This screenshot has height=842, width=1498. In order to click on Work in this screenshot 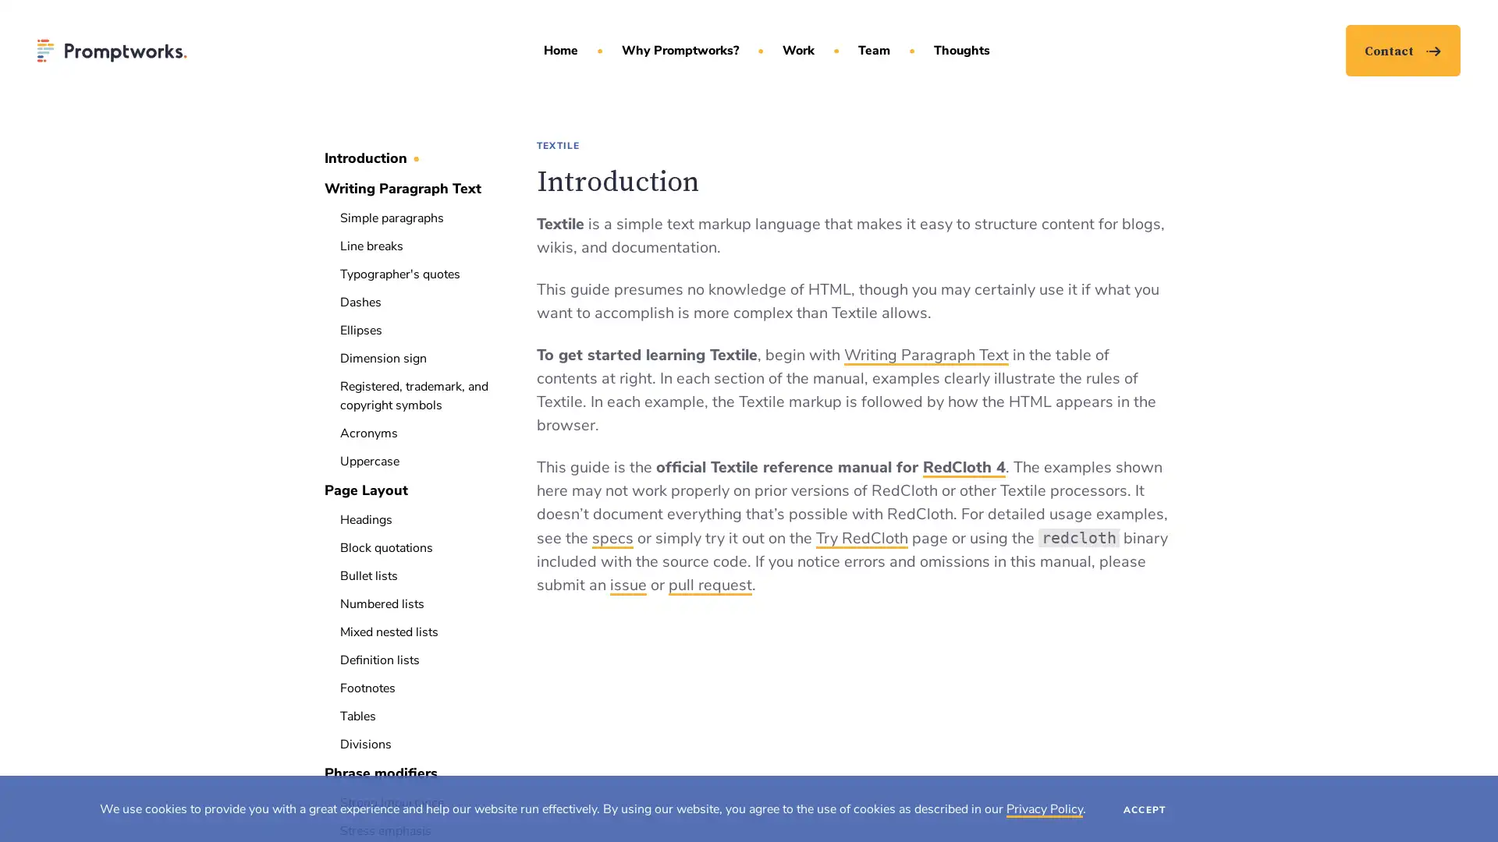, I will do `click(797, 50)`.